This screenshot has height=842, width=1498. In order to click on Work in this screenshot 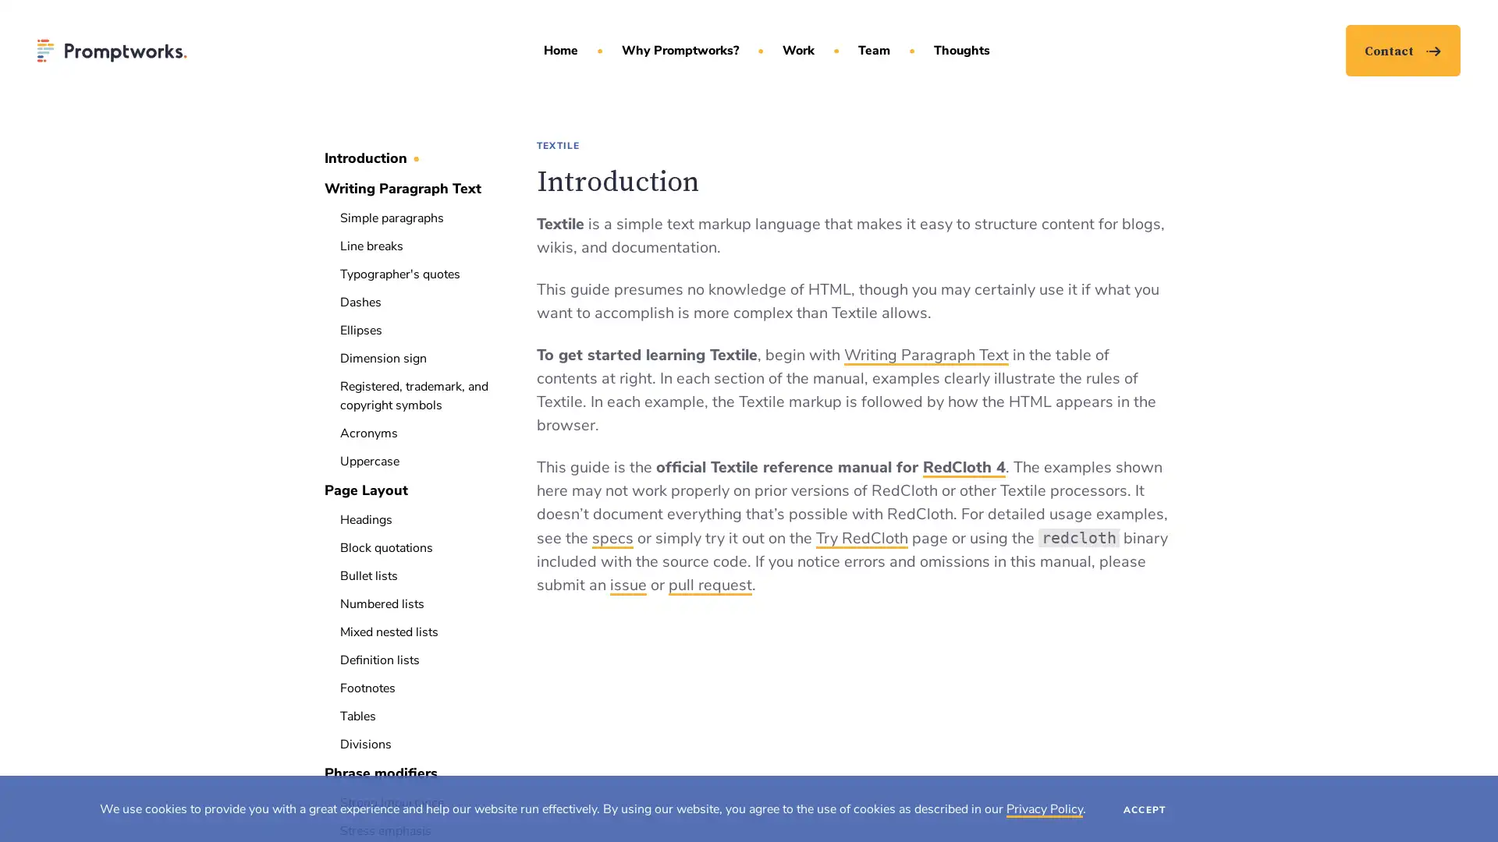, I will do `click(797, 50)`.